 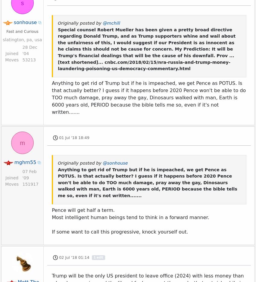 What do you see at coordinates (143, 278) in the screenshot?
I see `'Site FAQ'` at bounding box center [143, 278].